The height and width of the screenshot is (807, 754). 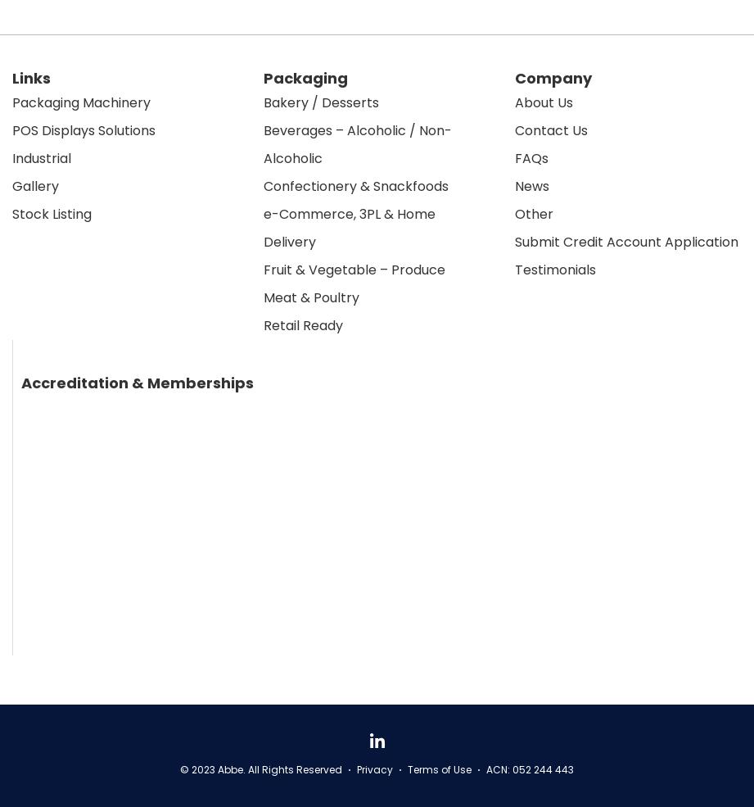 What do you see at coordinates (514, 184) in the screenshot?
I see `'News'` at bounding box center [514, 184].